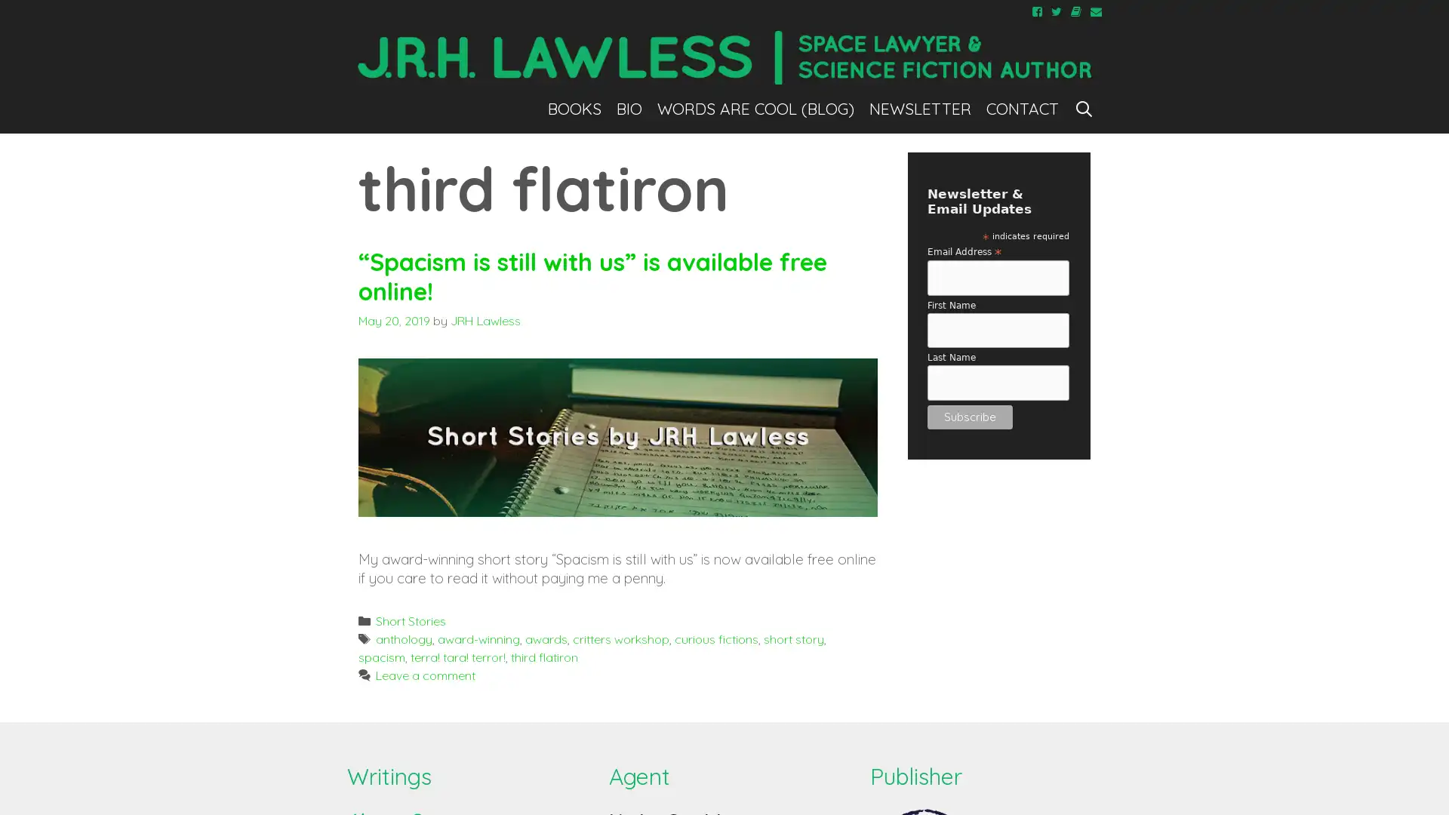  Describe the element at coordinates (969, 416) in the screenshot. I see `Subscribe` at that location.